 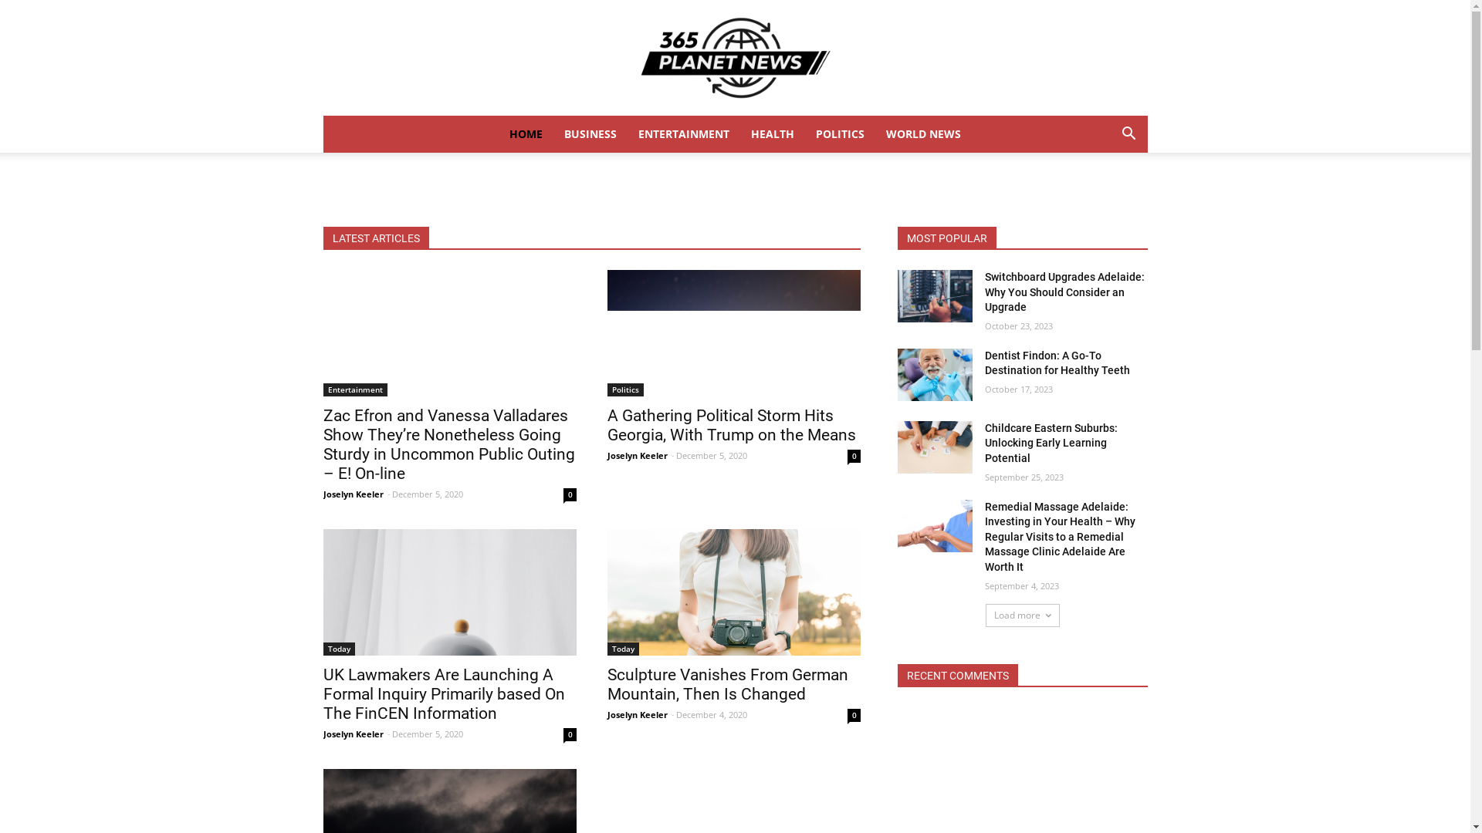 I want to click on 'Entertainment', so click(x=354, y=389).